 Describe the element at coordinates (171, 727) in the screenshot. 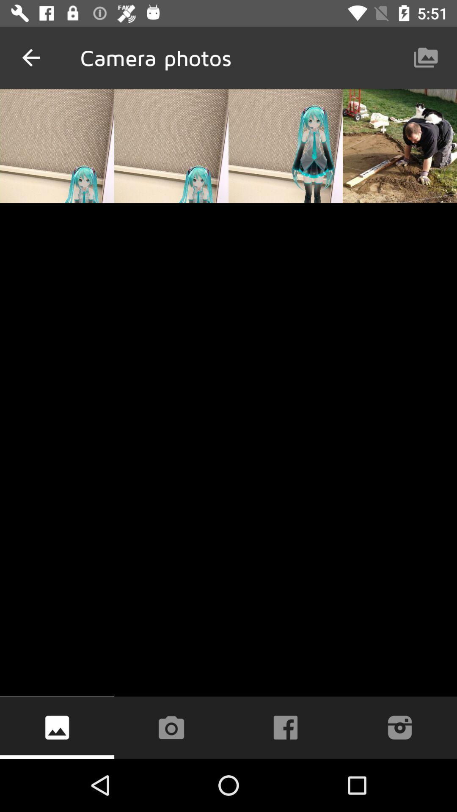

I see `take photo` at that location.